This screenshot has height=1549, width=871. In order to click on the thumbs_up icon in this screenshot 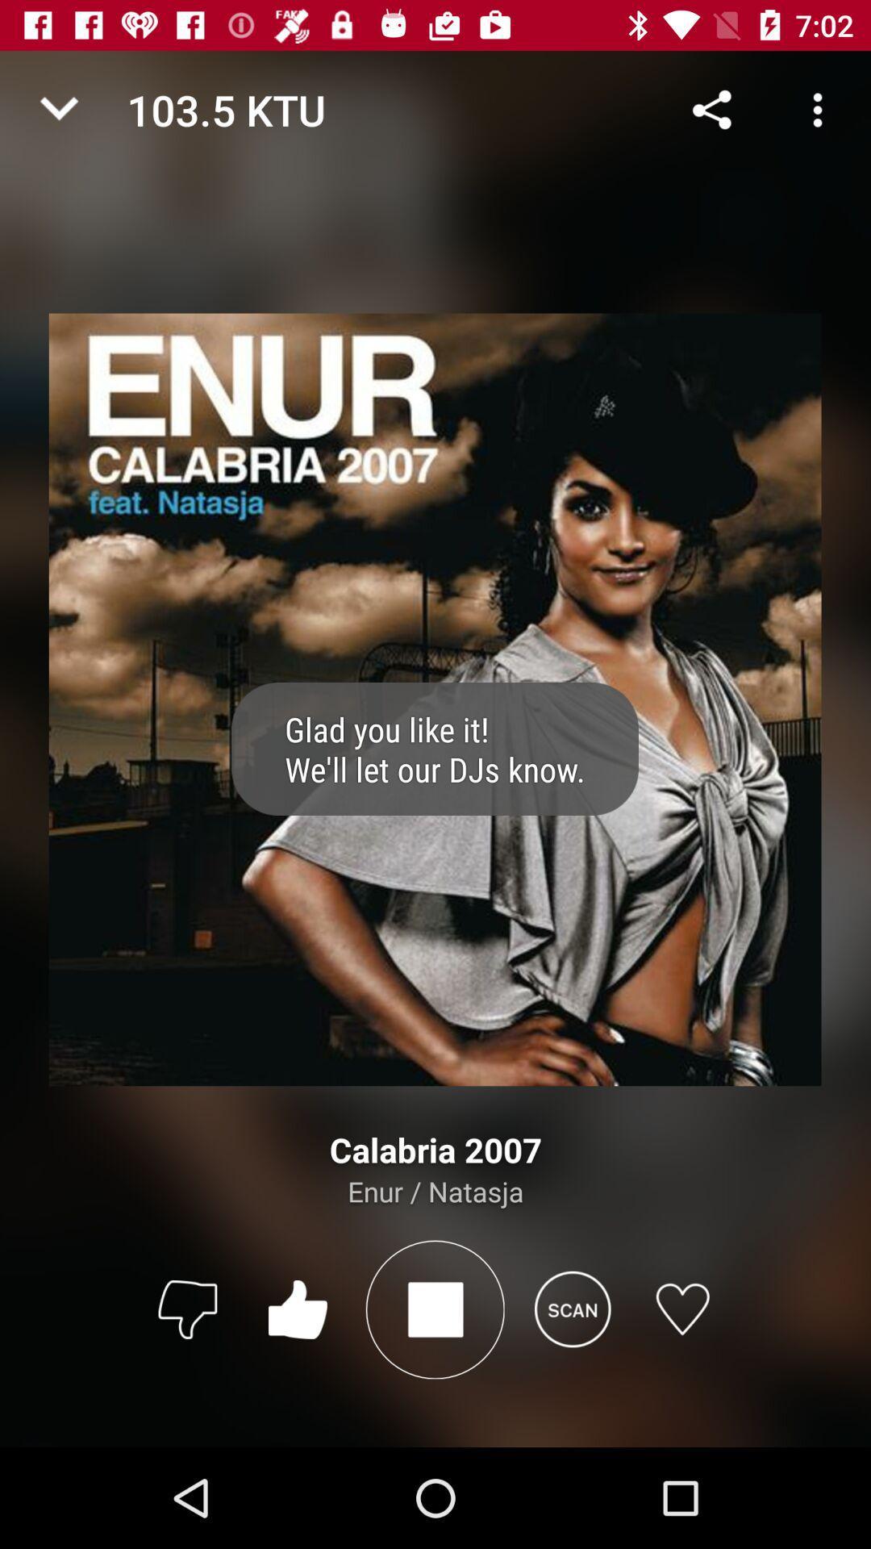, I will do `click(298, 1309)`.